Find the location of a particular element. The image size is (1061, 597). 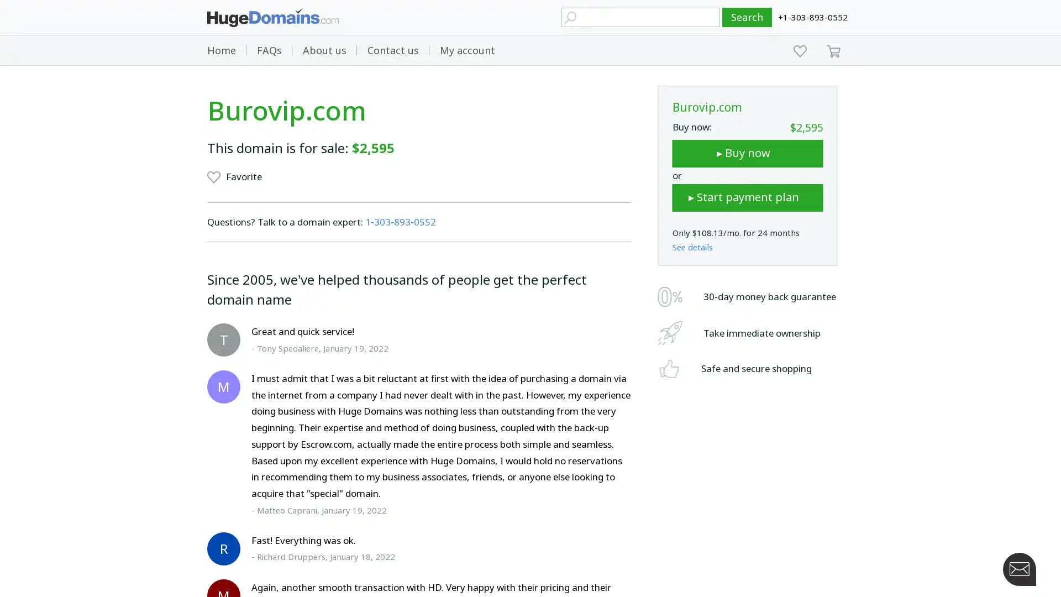

Search is located at coordinates (747, 17).